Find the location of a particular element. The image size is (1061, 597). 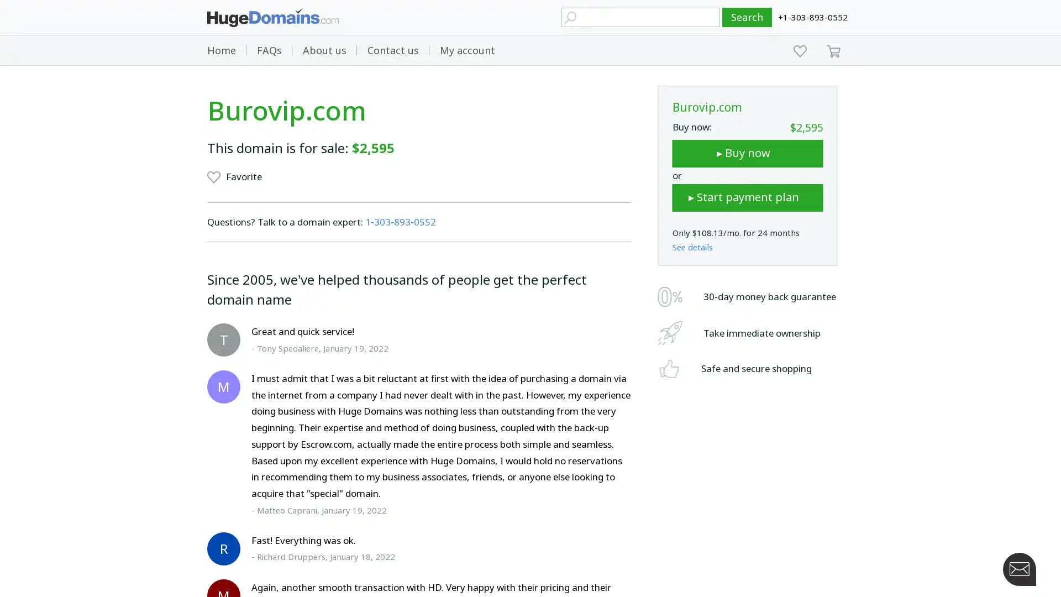

Search is located at coordinates (747, 17).